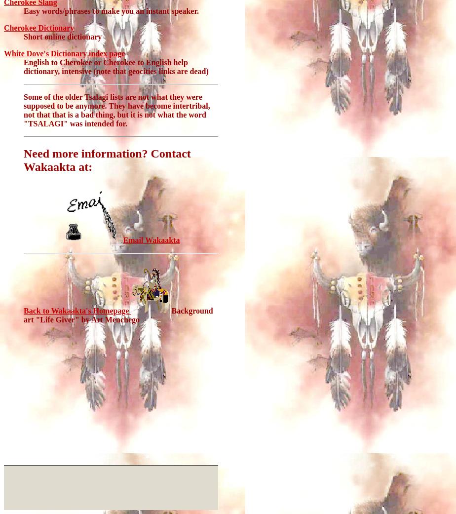 The height and width of the screenshot is (514, 456). I want to click on 'Need more information? Contact Wakaakta at:', so click(107, 160).